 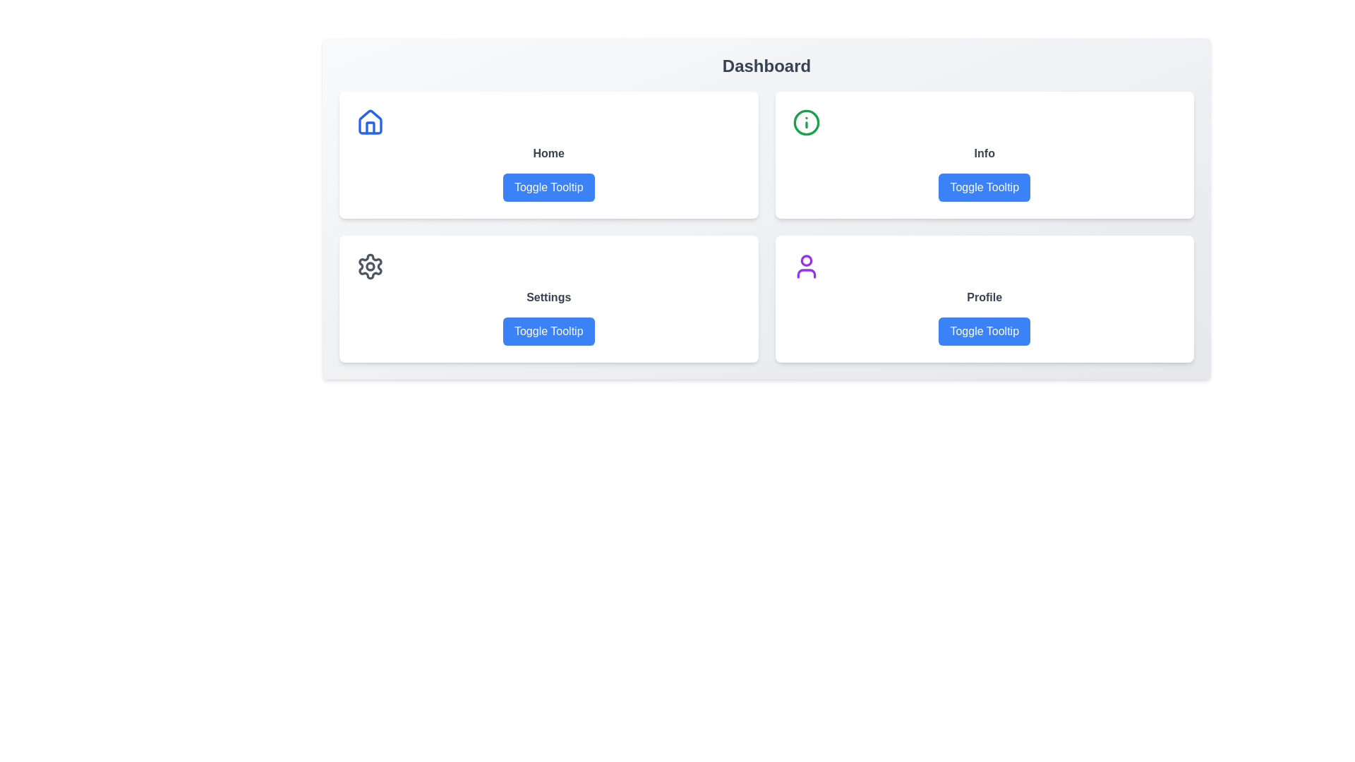 I want to click on the central circular part of the gear icon, which is a decorative component of the settings interface located within a rectangular card labeled 'Settings.', so click(x=370, y=267).